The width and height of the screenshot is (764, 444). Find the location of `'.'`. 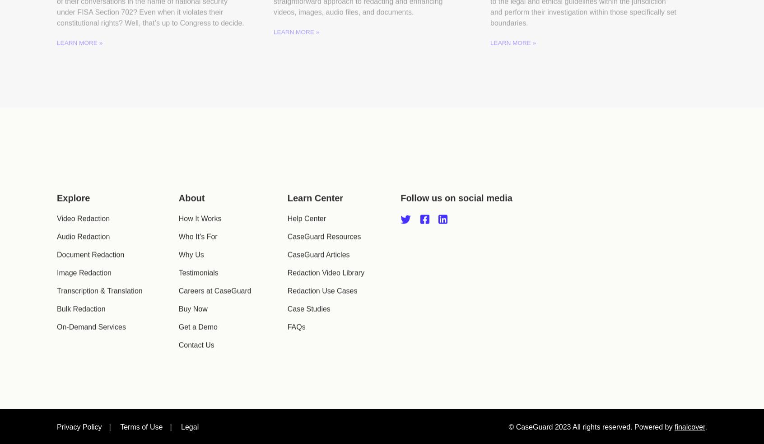

'.' is located at coordinates (705, 402).